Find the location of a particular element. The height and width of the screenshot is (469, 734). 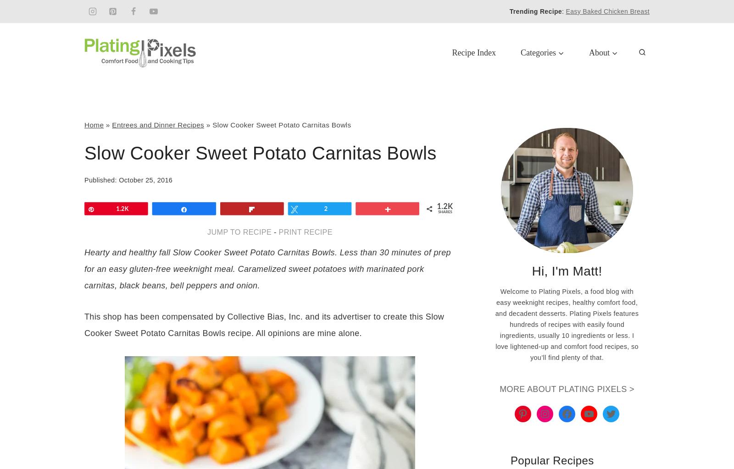

'Welcome to Plating Pixels, a food blog with easy weeknight recipes, healthy comfort food, and decadent desserts. Plating Pixels features hundreds of recipes with easily found ingredients, usually 10 ingredients or less. I love lightened-up and comfort food recipes, so you’ll find plenty of that.' is located at coordinates (566, 323).